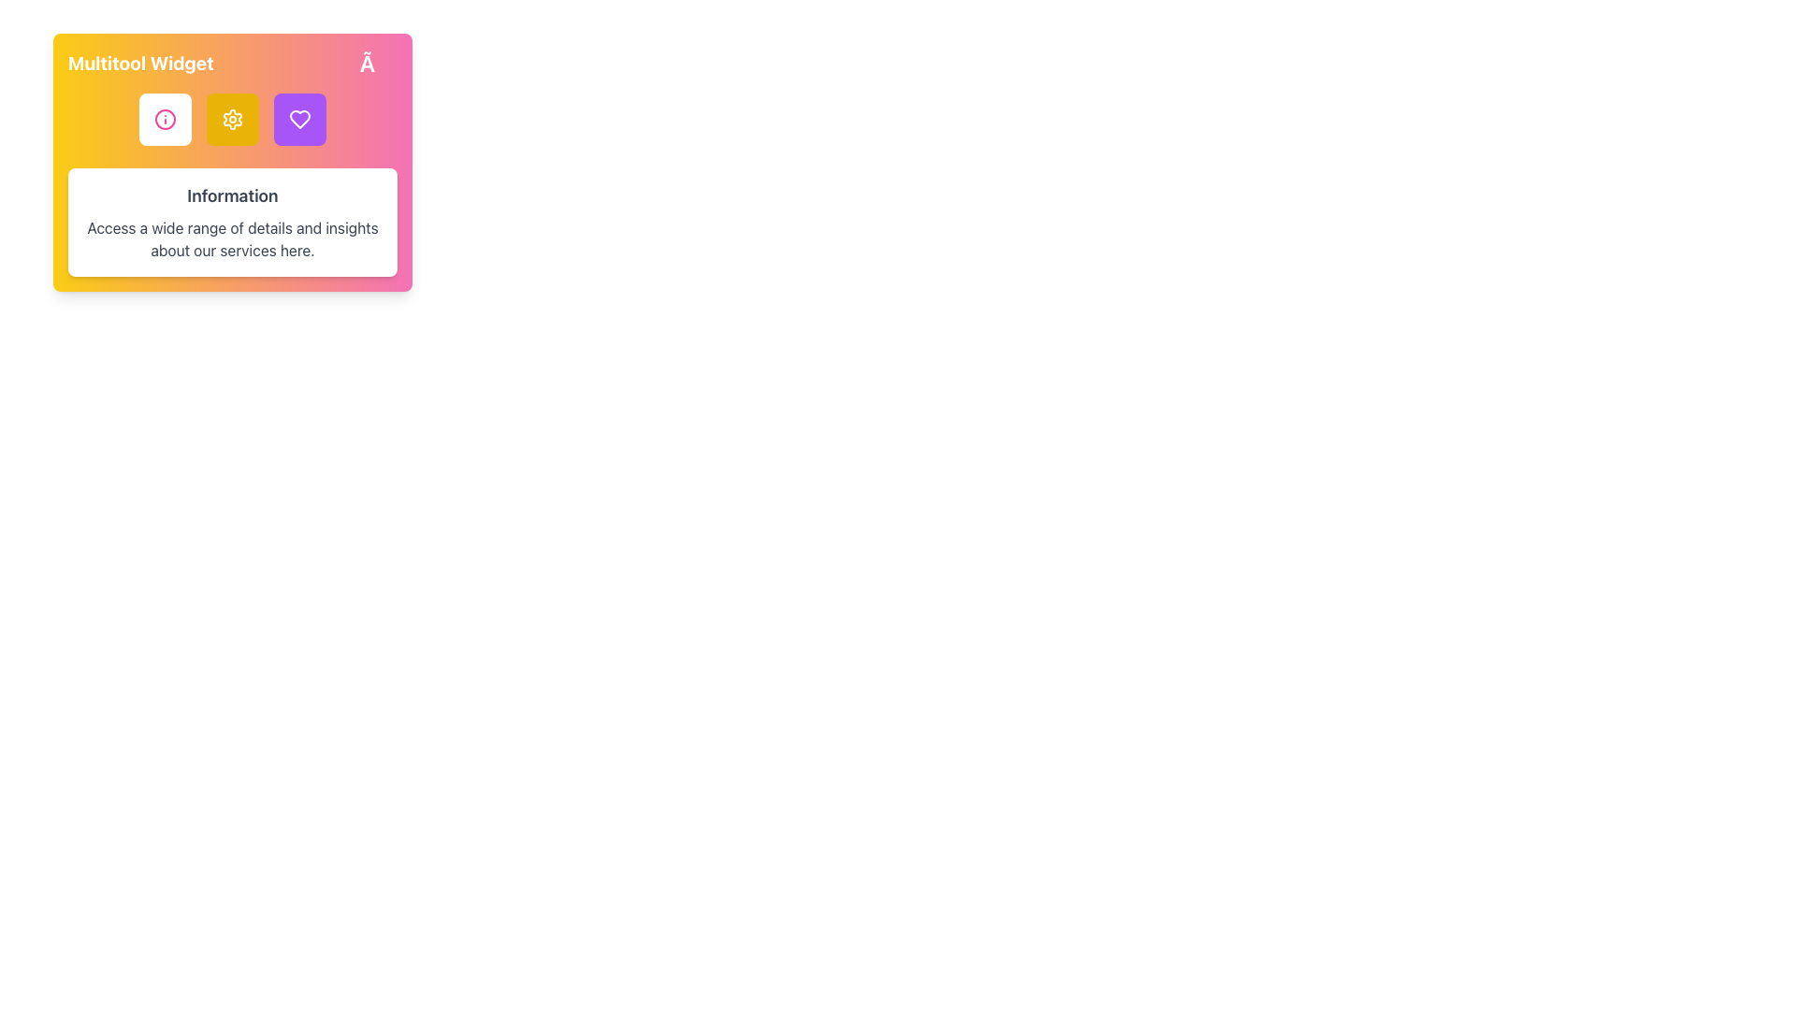  What do you see at coordinates (300, 119) in the screenshot?
I see `the third button in a horizontal row of three, which features a heart icon` at bounding box center [300, 119].